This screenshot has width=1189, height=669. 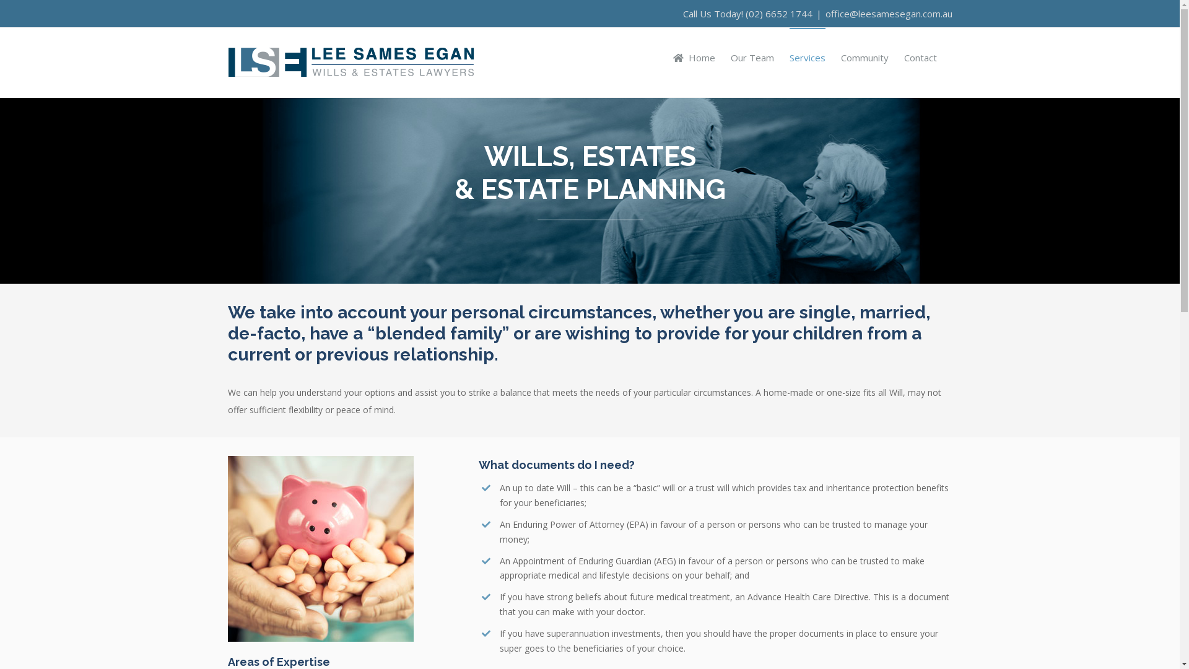 I want to click on 'Our Team', so click(x=751, y=57).